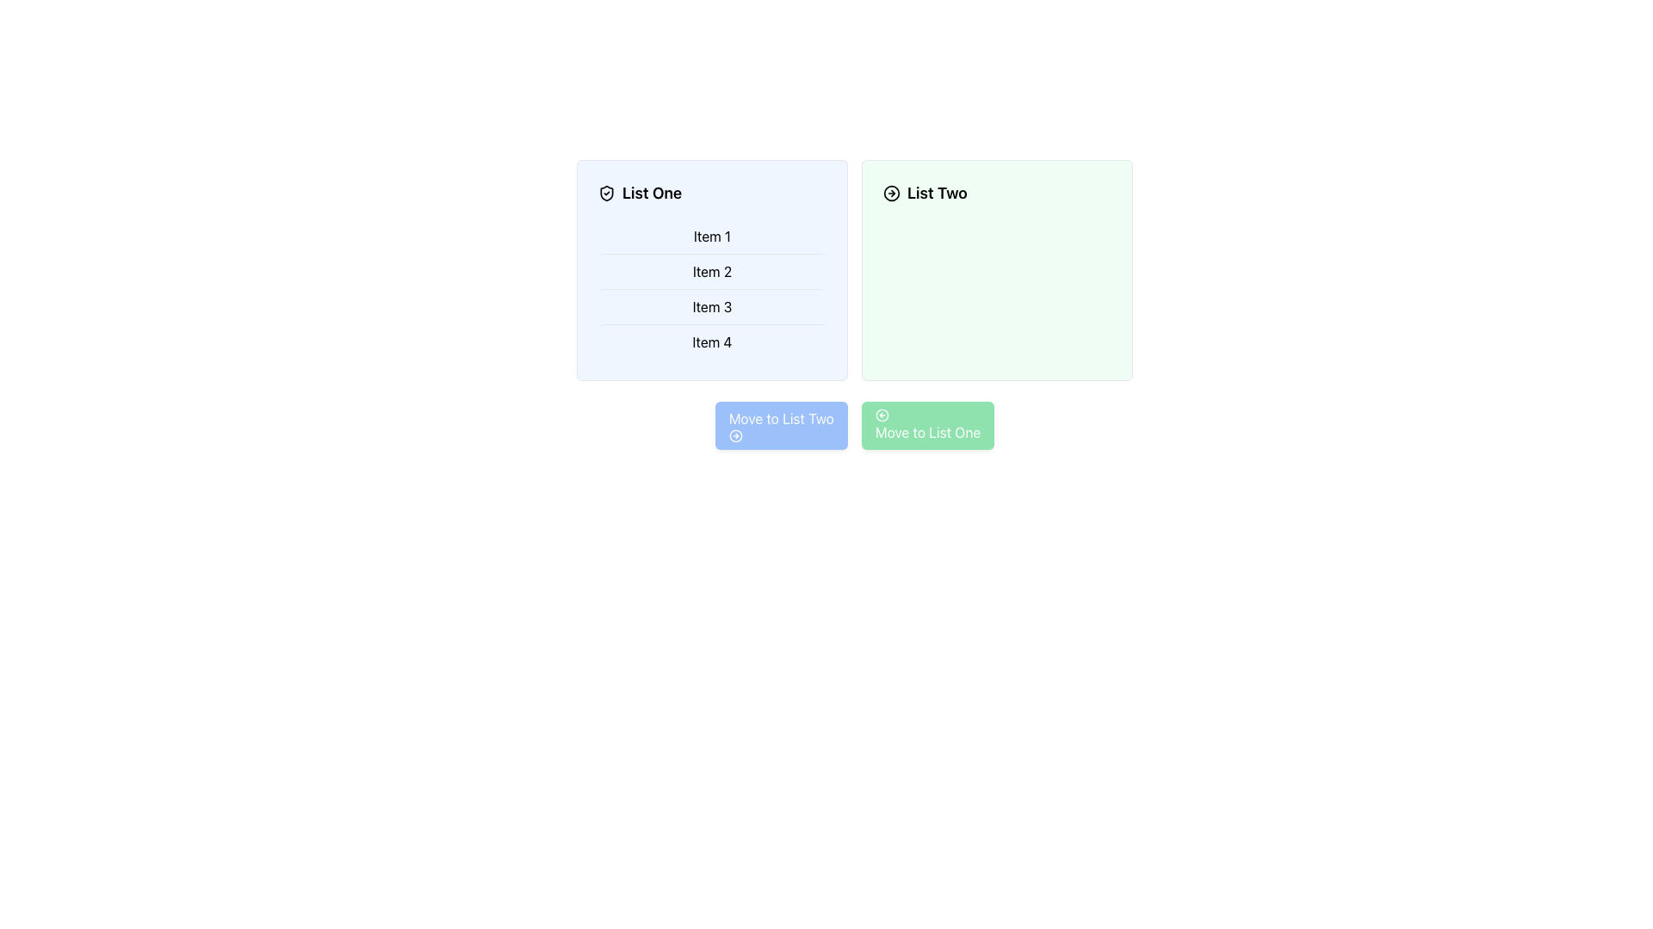  I want to click on the second item in the list titled 'List One', located below 'Item 1' and above 'Item 3', so click(712, 271).